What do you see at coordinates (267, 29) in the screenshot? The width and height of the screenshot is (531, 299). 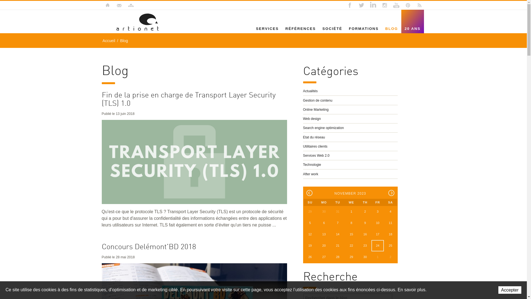 I see `'SERVICES'` at bounding box center [267, 29].